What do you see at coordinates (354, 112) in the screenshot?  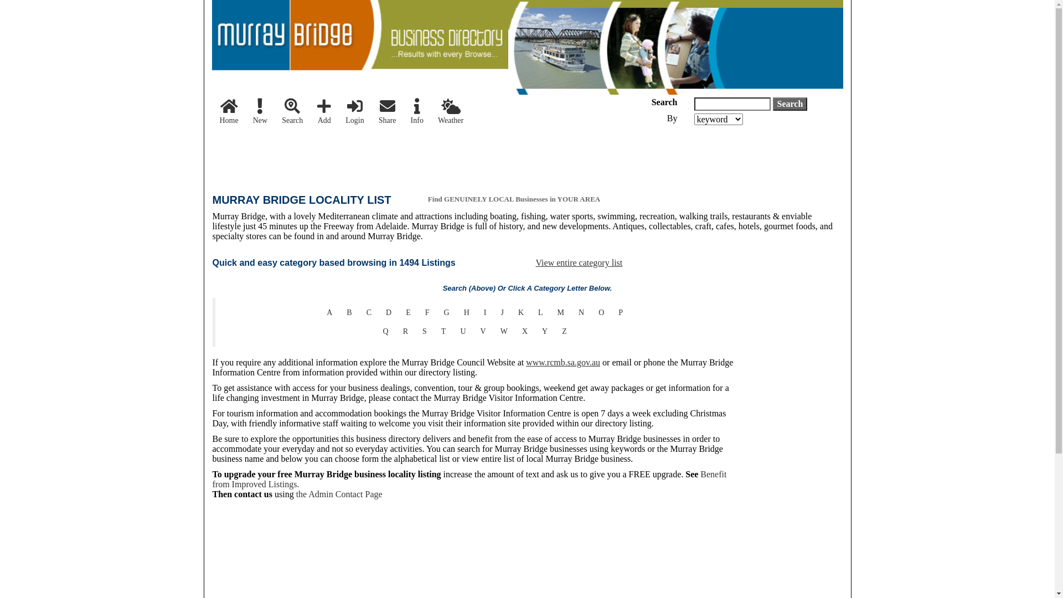 I see `'Login'` at bounding box center [354, 112].